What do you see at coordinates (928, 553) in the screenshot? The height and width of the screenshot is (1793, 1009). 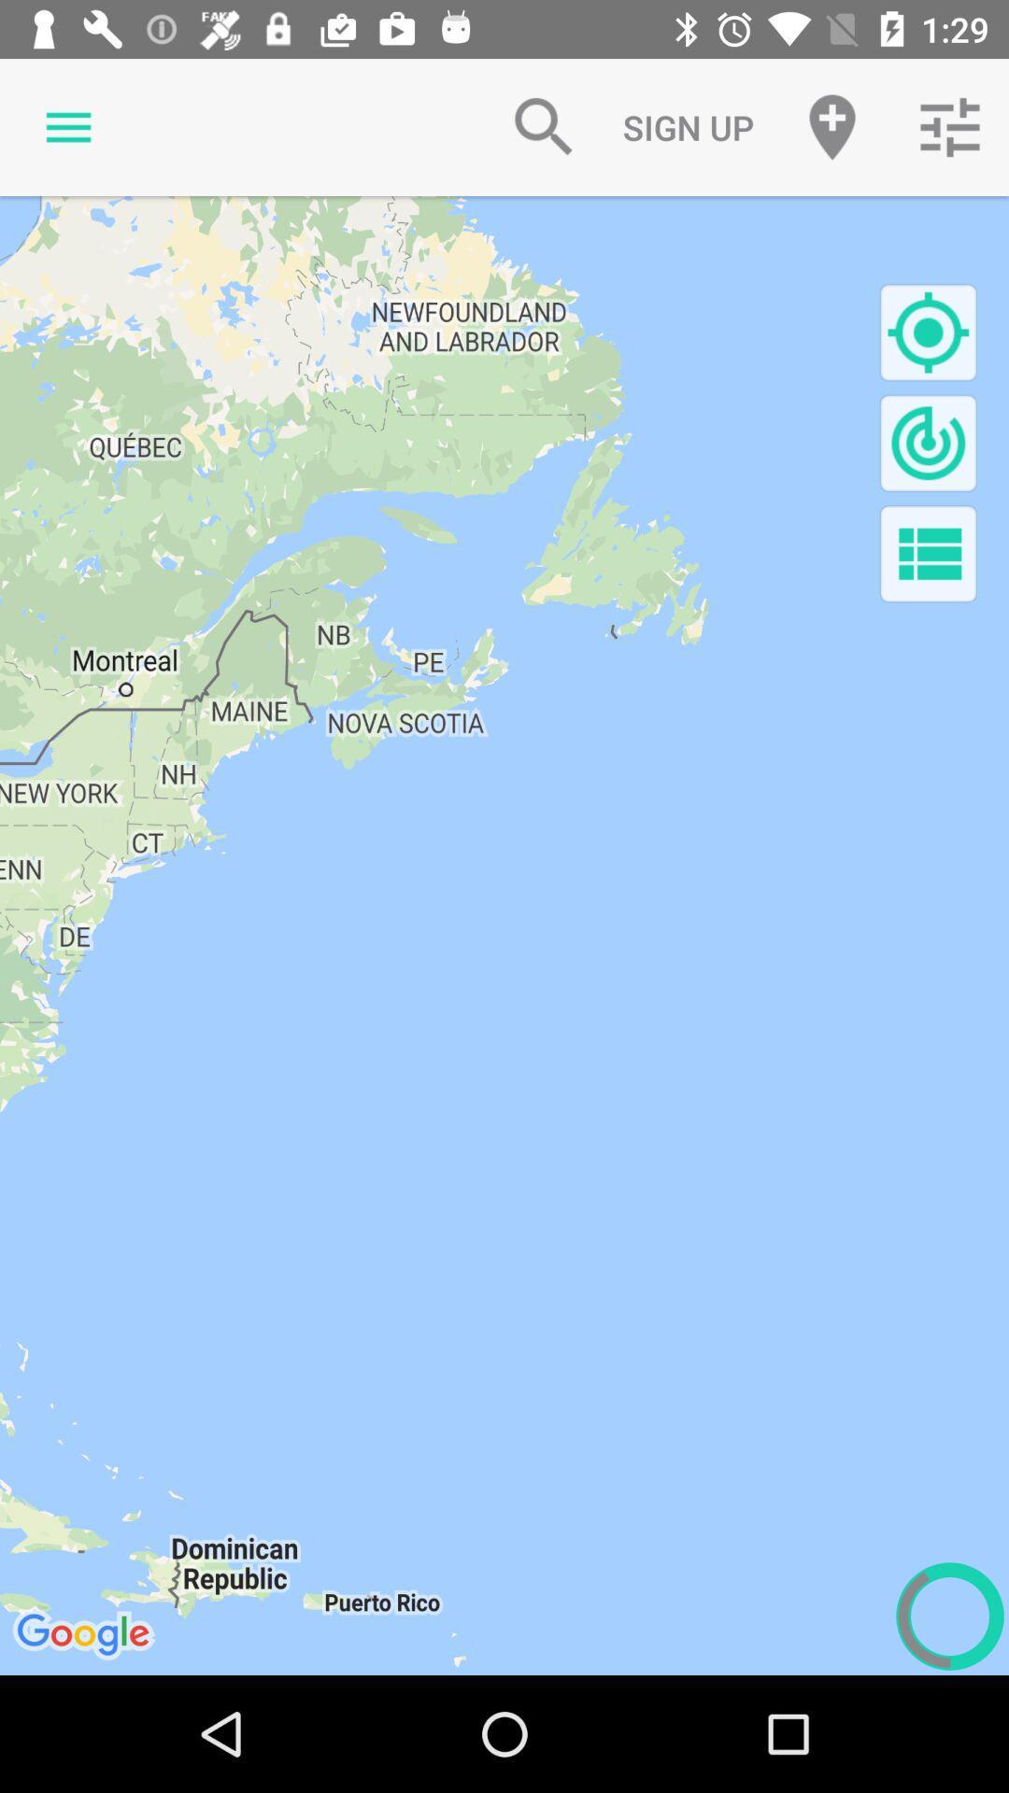 I see `show elements in a list` at bounding box center [928, 553].